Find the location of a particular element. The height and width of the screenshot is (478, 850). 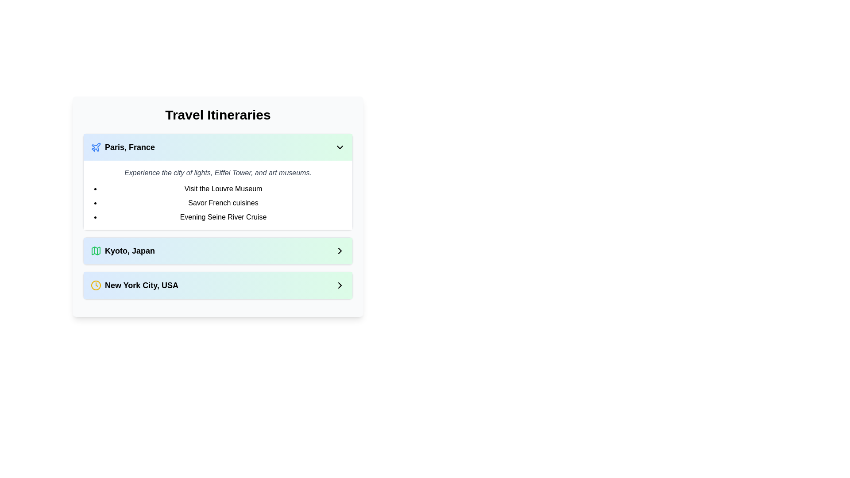

bulleted list of activities related to the 'Paris, France' itinerary, positioned beneath the descriptive text and above the next section about 'Kyoto, Japan' is located at coordinates (218, 203).